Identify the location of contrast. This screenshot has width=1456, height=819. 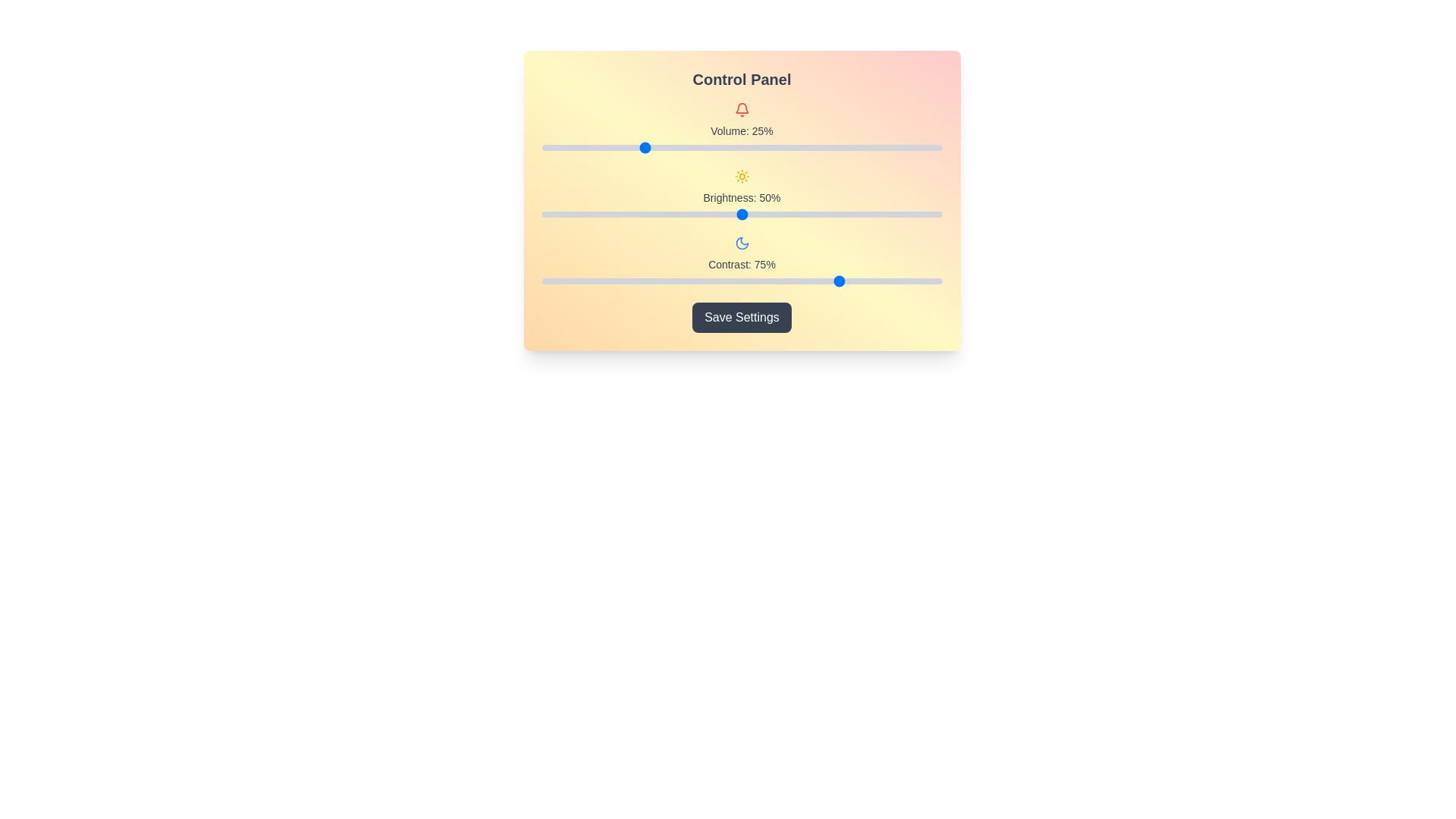
(650, 281).